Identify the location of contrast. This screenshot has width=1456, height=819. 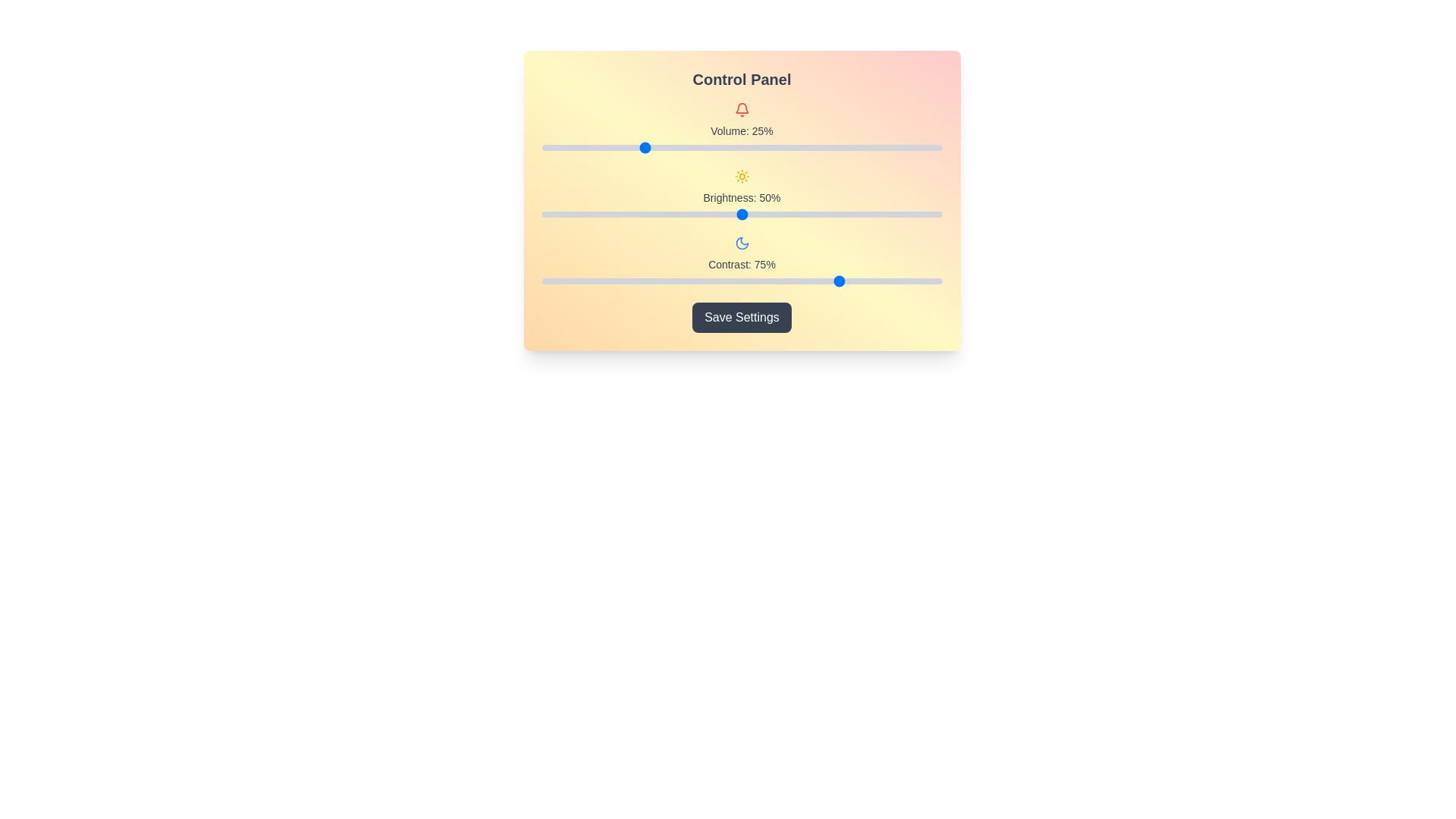
(650, 281).